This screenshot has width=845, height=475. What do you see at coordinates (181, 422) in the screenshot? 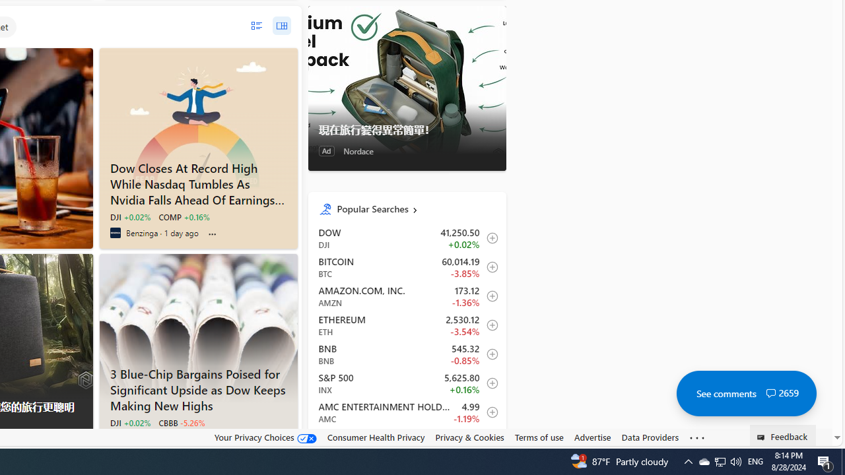
I see `'CBBB -5.26%'` at bounding box center [181, 422].